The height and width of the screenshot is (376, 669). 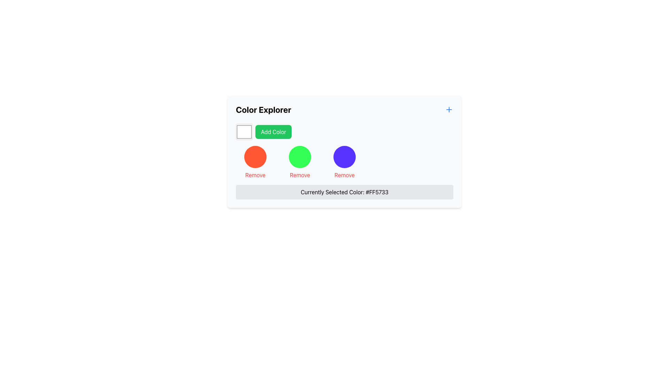 What do you see at coordinates (300, 174) in the screenshot?
I see `the 'Remove' button displayed in red font, which is located below a green circular icon and is the second among three similar buttons, to observe the underline effect` at bounding box center [300, 174].